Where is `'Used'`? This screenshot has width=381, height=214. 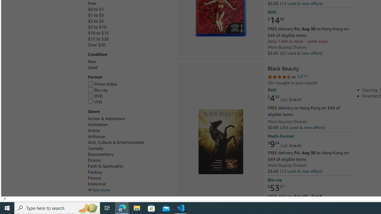
'Used' is located at coordinates (129, 67).